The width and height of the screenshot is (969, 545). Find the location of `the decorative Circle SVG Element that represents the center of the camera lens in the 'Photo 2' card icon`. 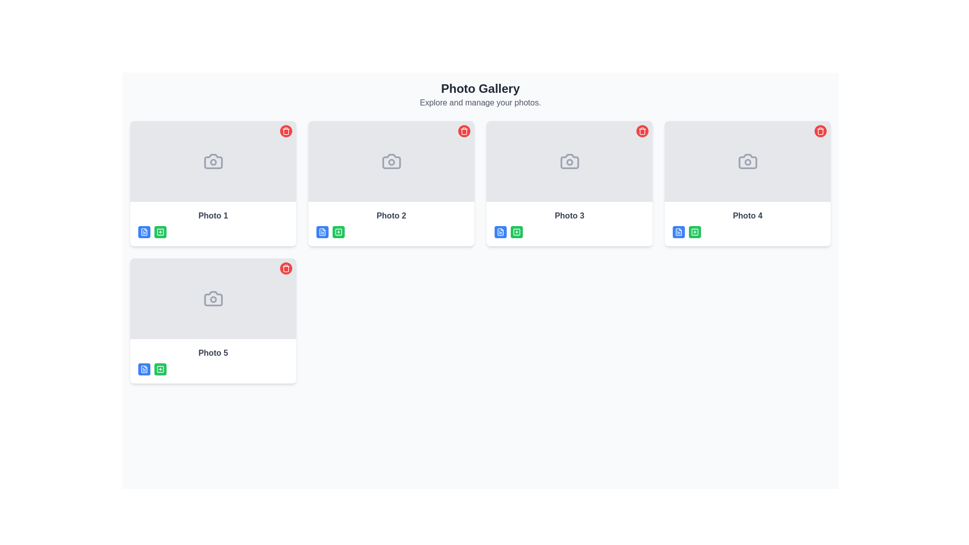

the decorative Circle SVG Element that represents the center of the camera lens in the 'Photo 2' card icon is located at coordinates (391, 161).